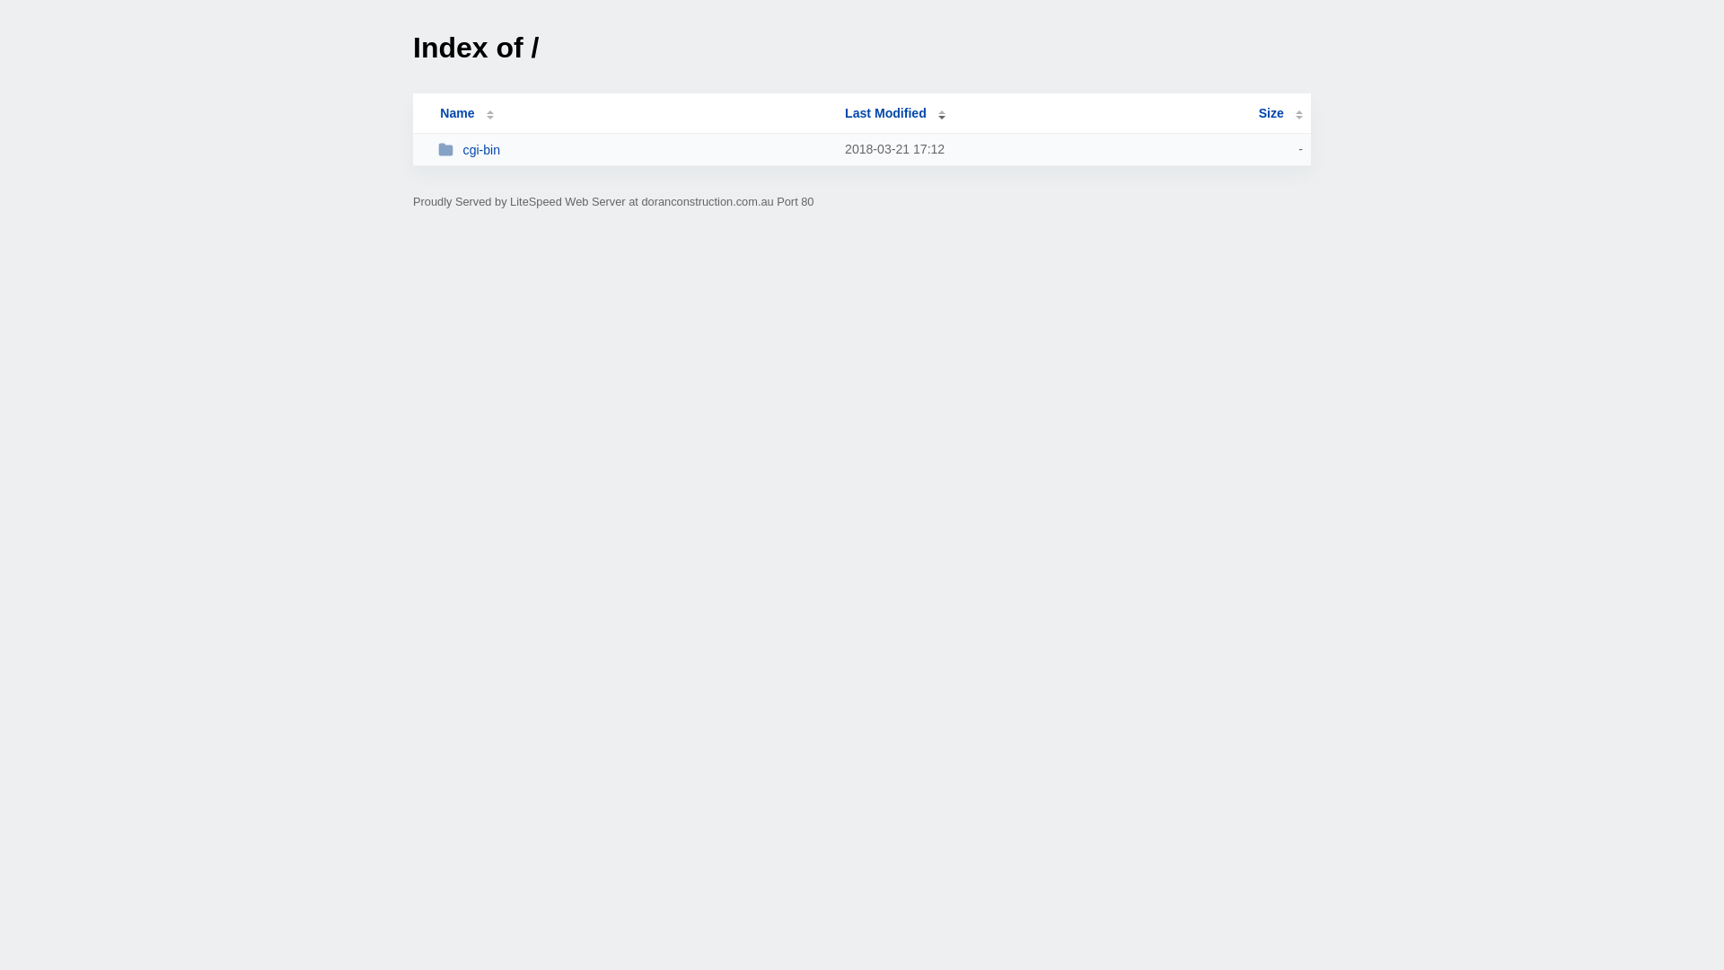 The width and height of the screenshot is (1724, 970). Describe the element at coordinates (1280, 113) in the screenshot. I see `'Size'` at that location.